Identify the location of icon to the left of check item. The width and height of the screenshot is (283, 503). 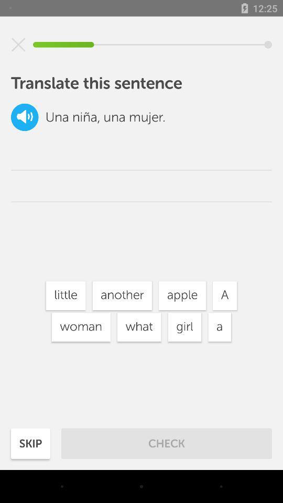
(30, 443).